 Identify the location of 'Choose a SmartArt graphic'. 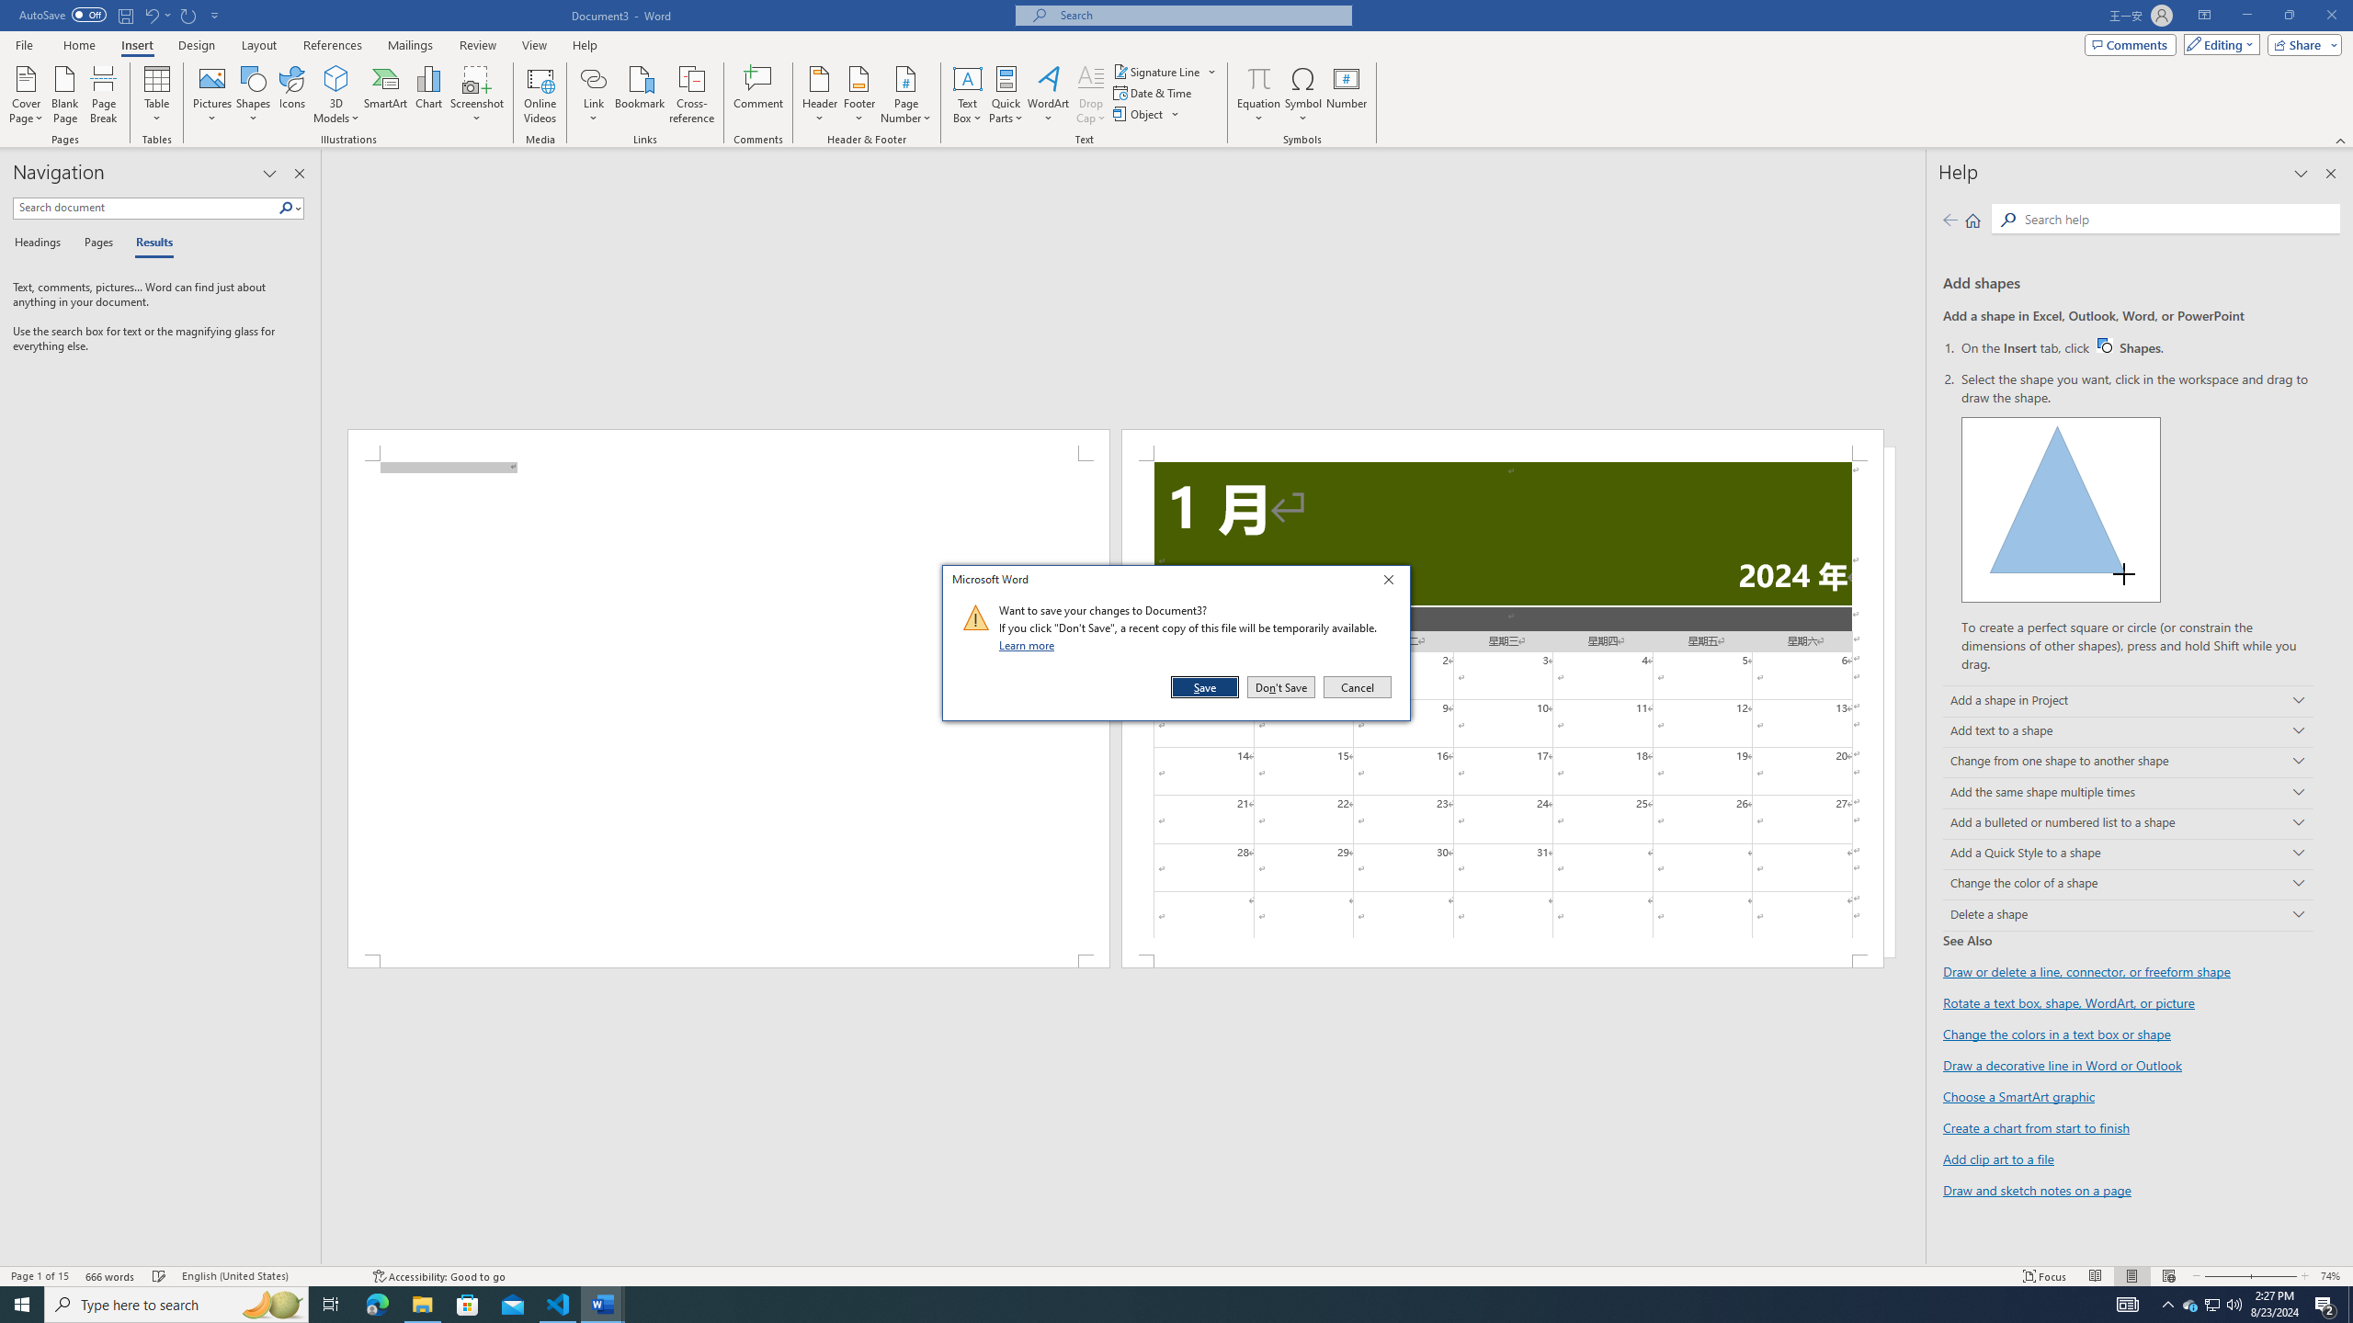
(2018, 1095).